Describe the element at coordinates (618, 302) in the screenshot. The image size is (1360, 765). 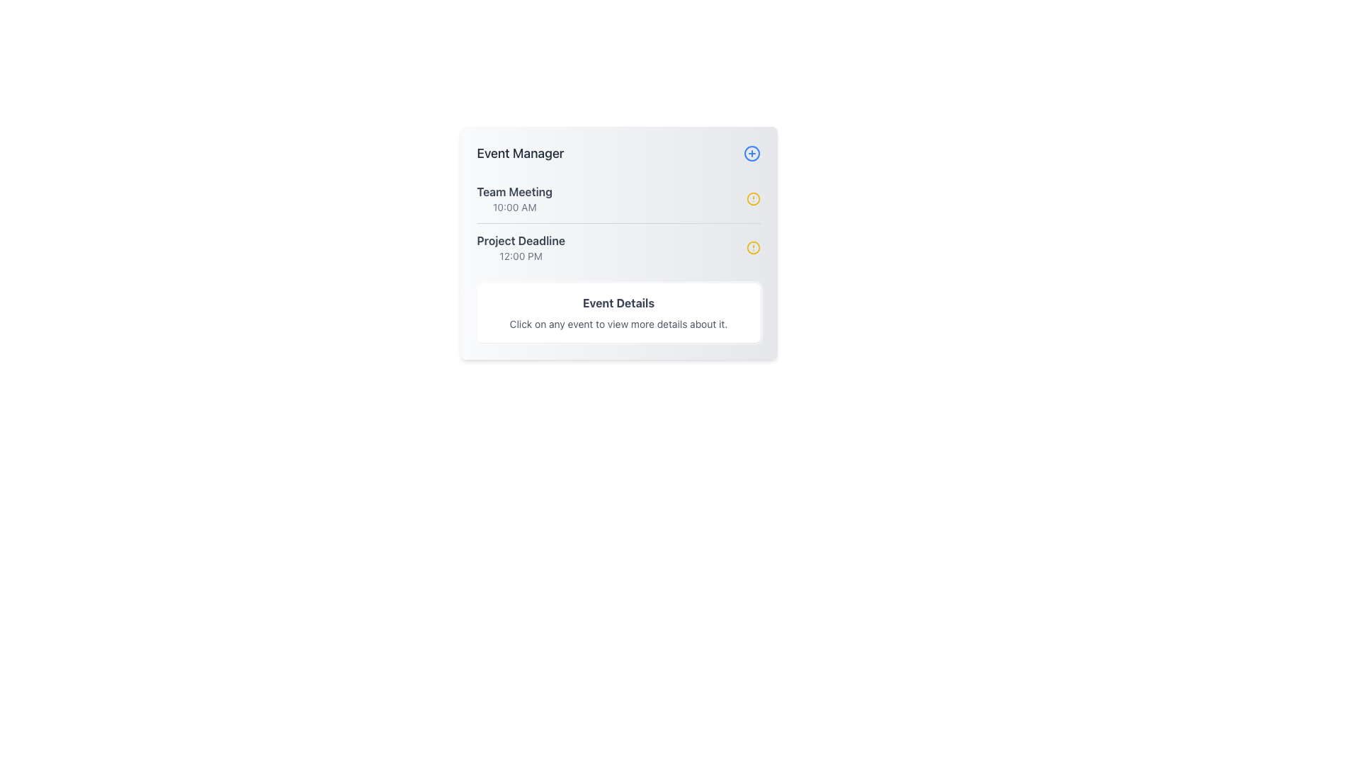
I see `the bold text element reading 'Event Details' that is centrally located within a white box and serves as a title above descriptive instructions` at that location.